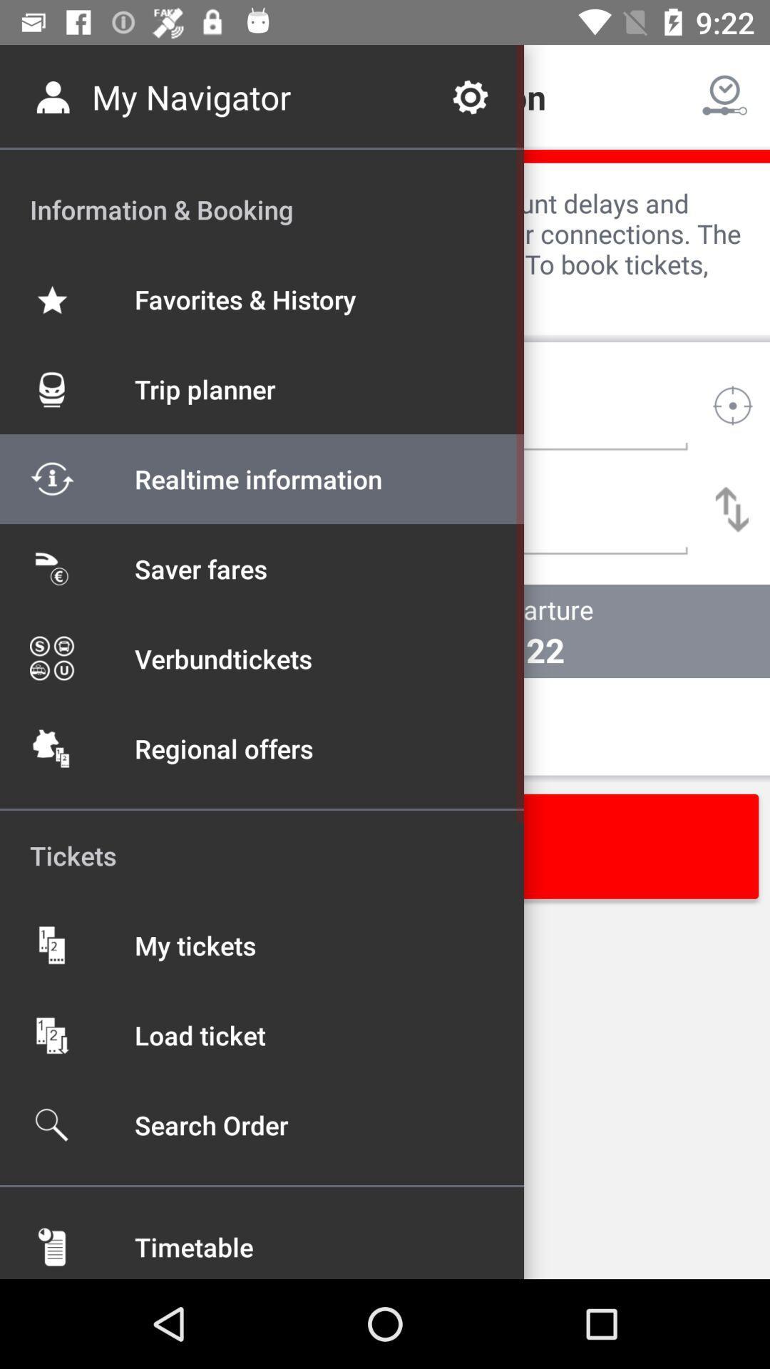 The height and width of the screenshot is (1369, 770). I want to click on the swap icon, so click(732, 509).